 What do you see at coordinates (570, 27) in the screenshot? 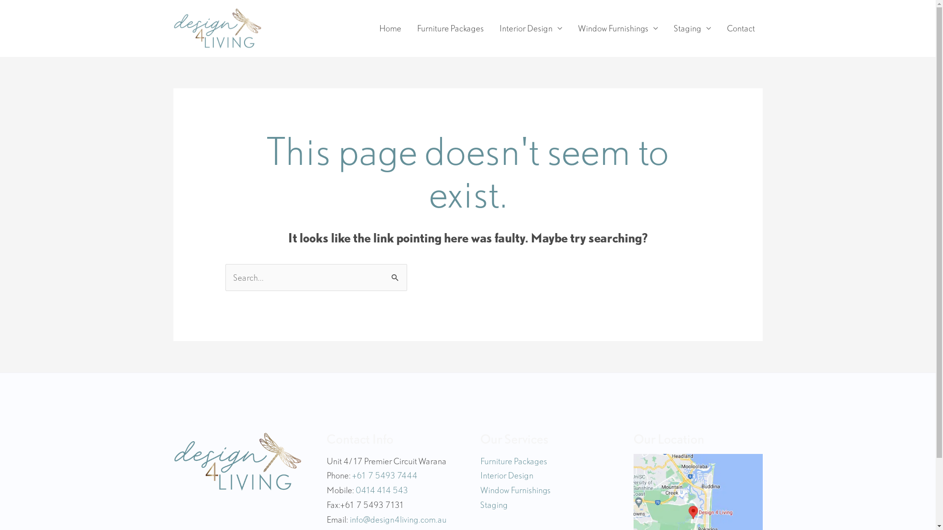
I see `'Window Furnishings'` at bounding box center [570, 27].